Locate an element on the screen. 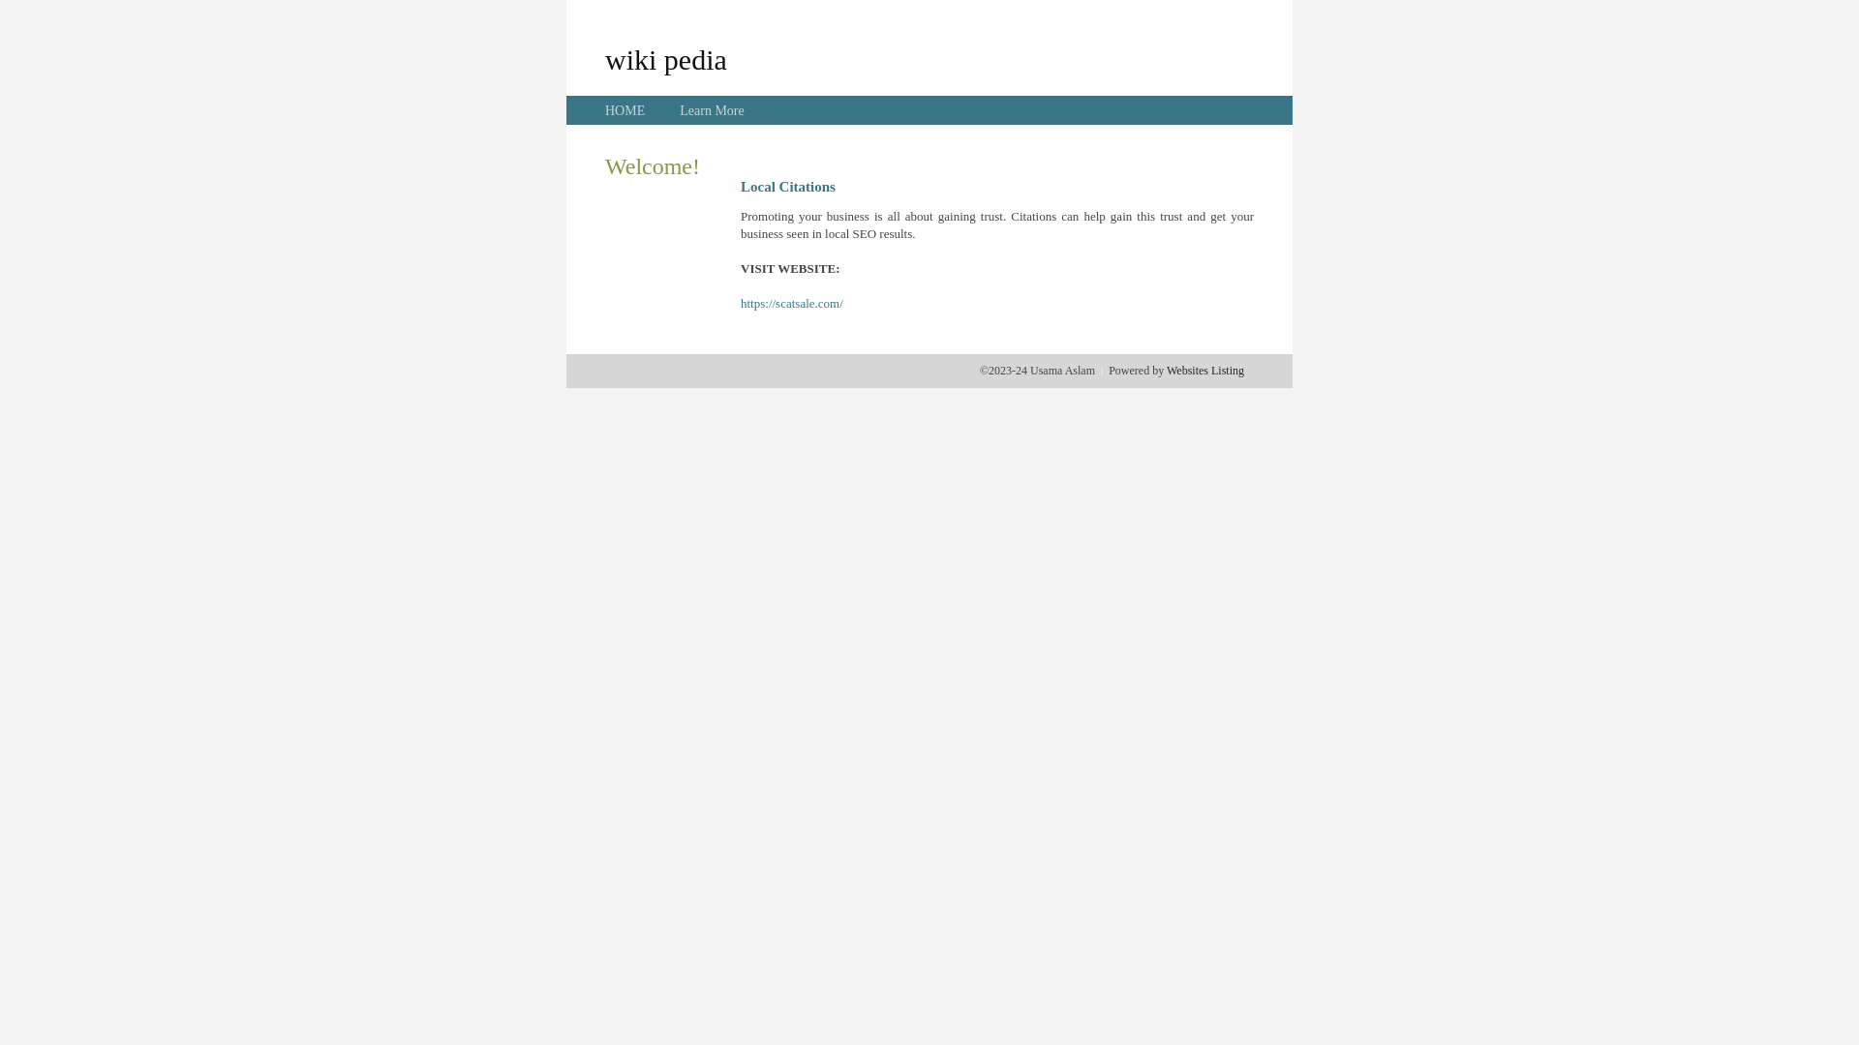 This screenshot has width=1859, height=1045. 'wiki pedia' is located at coordinates (665, 58).